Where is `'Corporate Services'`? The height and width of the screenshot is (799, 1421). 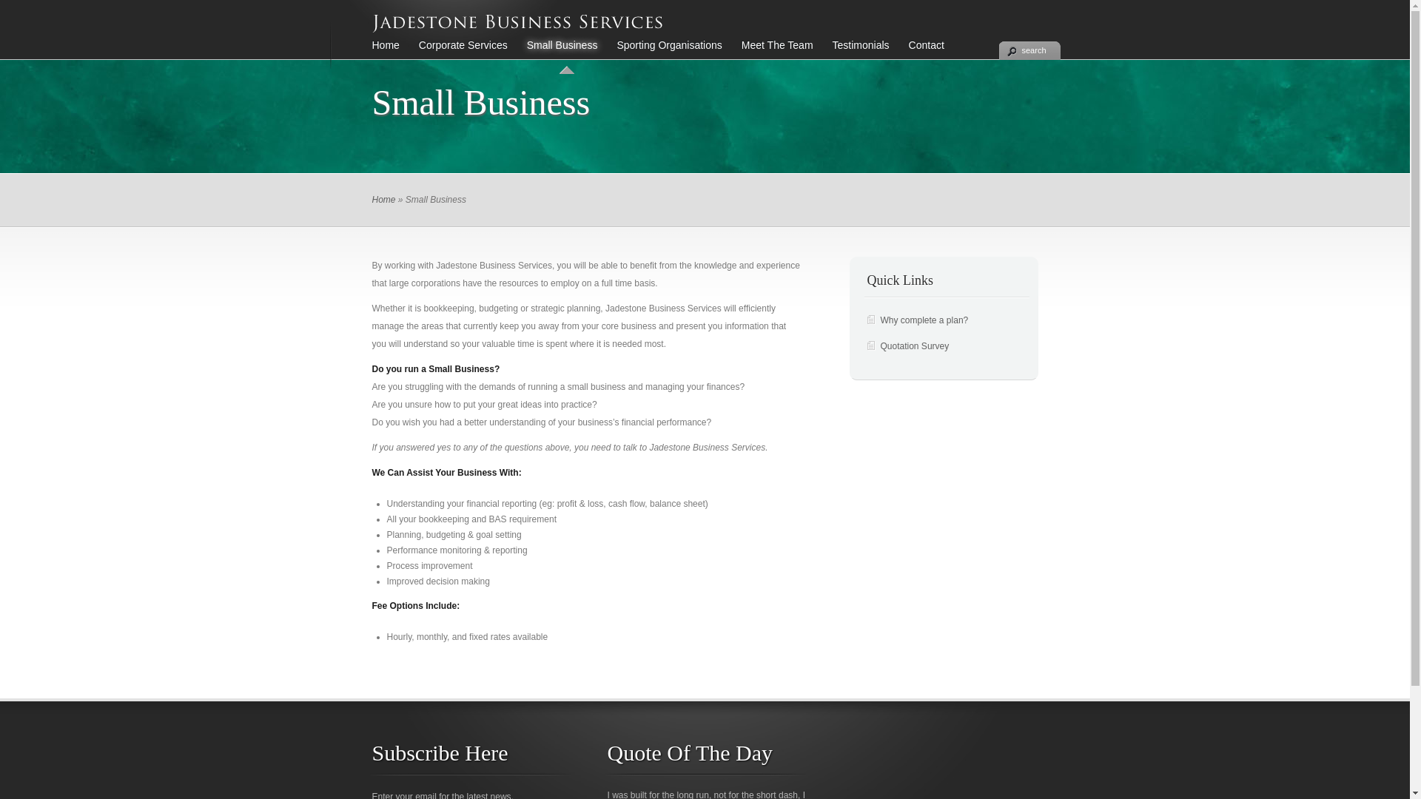
'Corporate Services' is located at coordinates (409, 53).